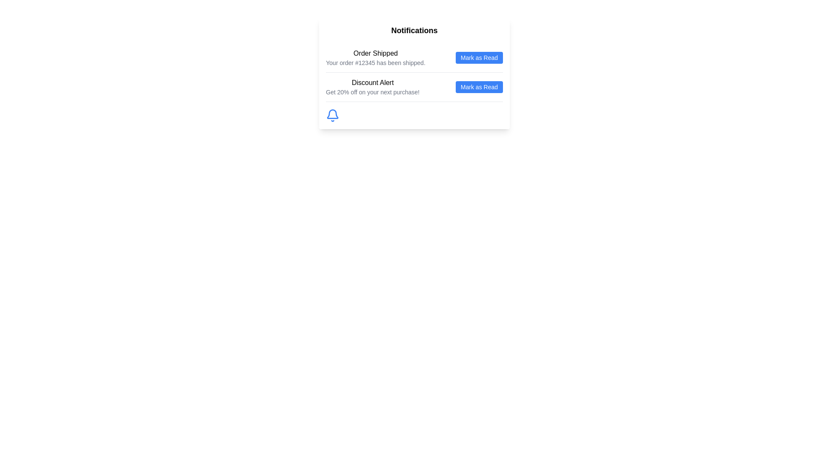 This screenshot has width=817, height=459. I want to click on details of the discount notification displayed in the text area that shows 'Discount Alert' and 'Get 20% off on your next purchase!', so click(372, 87).